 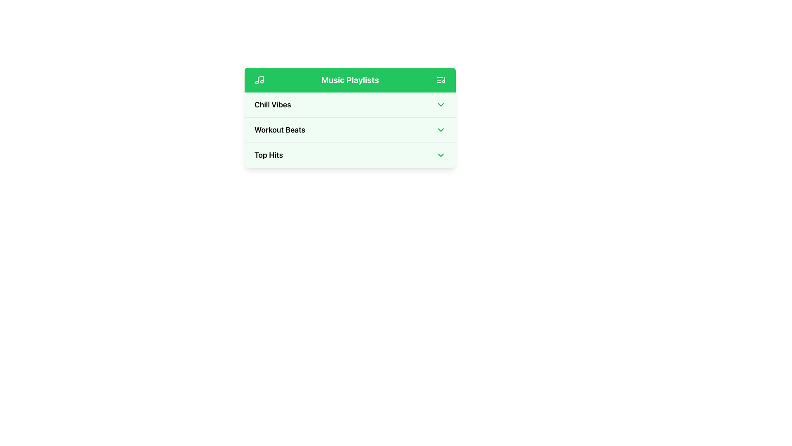 I want to click on the Music Playlists icon located on the left edge of the green header bar, which visually represents the music-related content section, so click(x=259, y=80).